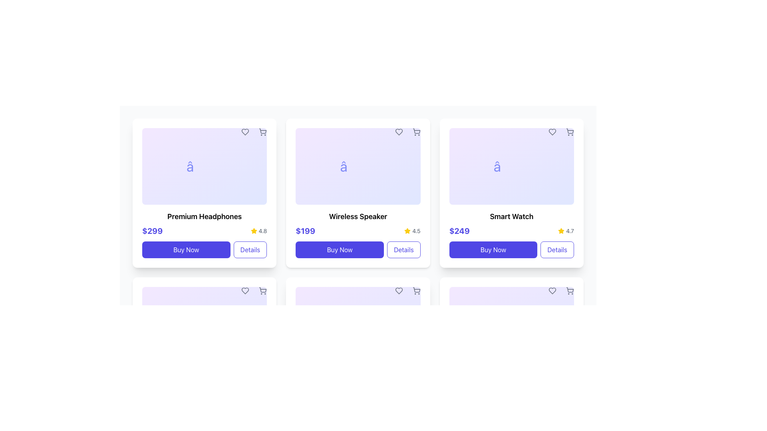 This screenshot has width=767, height=431. What do you see at coordinates (569, 291) in the screenshot?
I see `the cart icon, which is a gray shopping cart graphic with wheels located at the top-right corner of the product card for 'Smart Watch'` at bounding box center [569, 291].